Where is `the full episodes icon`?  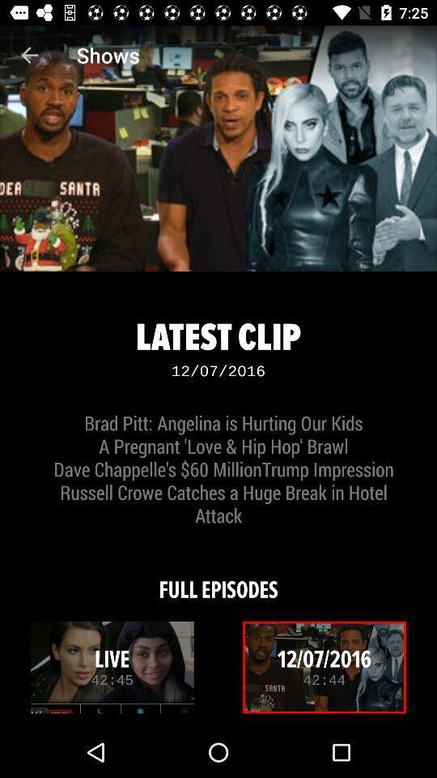
the full episodes icon is located at coordinates (218, 579).